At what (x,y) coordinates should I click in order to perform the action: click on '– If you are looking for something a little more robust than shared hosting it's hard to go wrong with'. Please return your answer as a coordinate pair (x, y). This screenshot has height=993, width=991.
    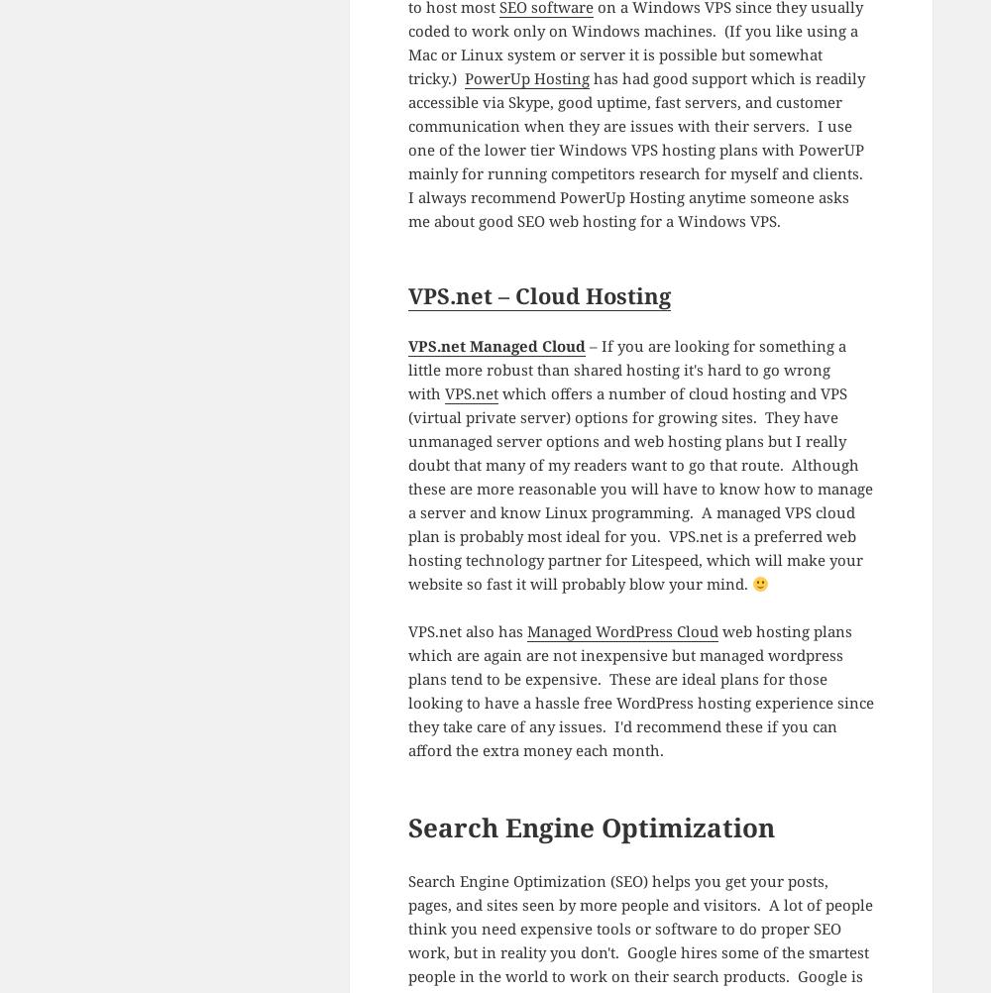
    Looking at the image, I should click on (626, 370).